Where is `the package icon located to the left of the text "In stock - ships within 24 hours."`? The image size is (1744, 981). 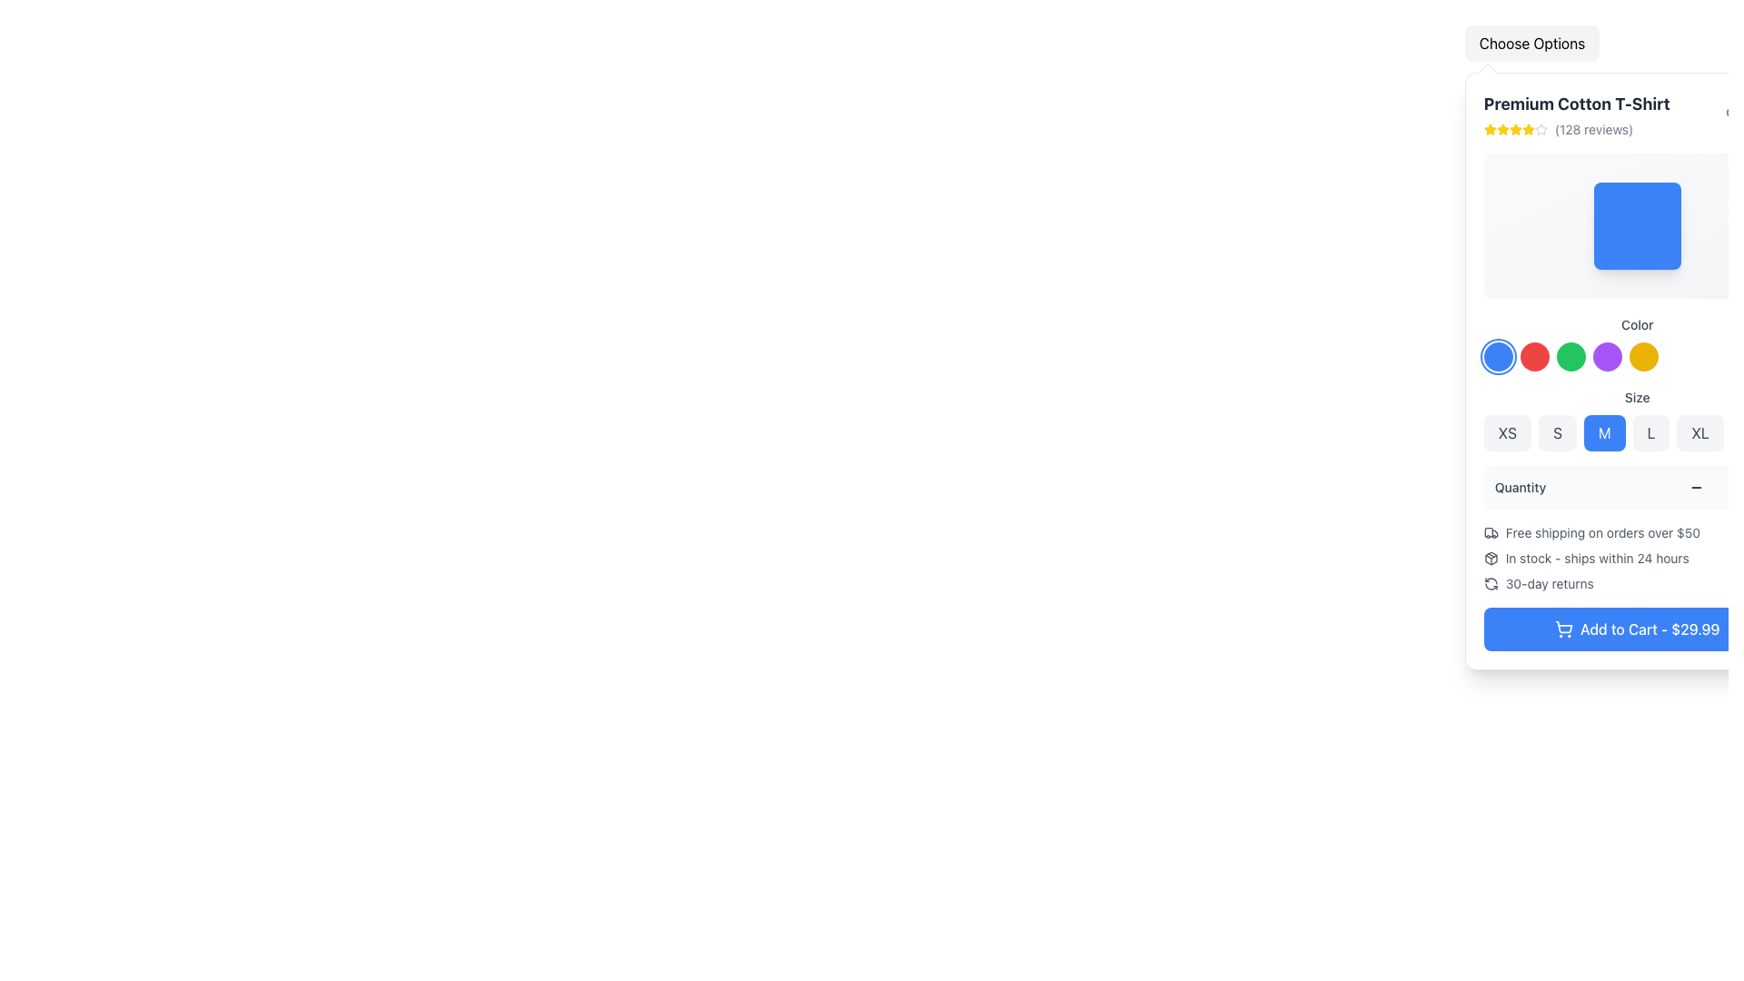
the package icon located to the left of the text "In stock - ships within 24 hours." is located at coordinates (1491, 557).